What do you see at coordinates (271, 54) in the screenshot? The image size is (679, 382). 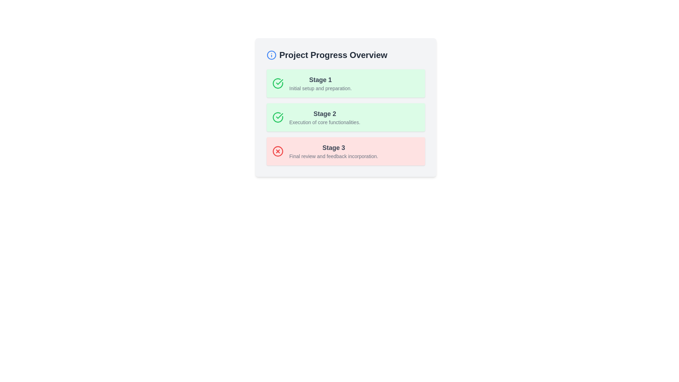 I see `the information icon located to the left of the 'Project Progress Overview' text` at bounding box center [271, 54].